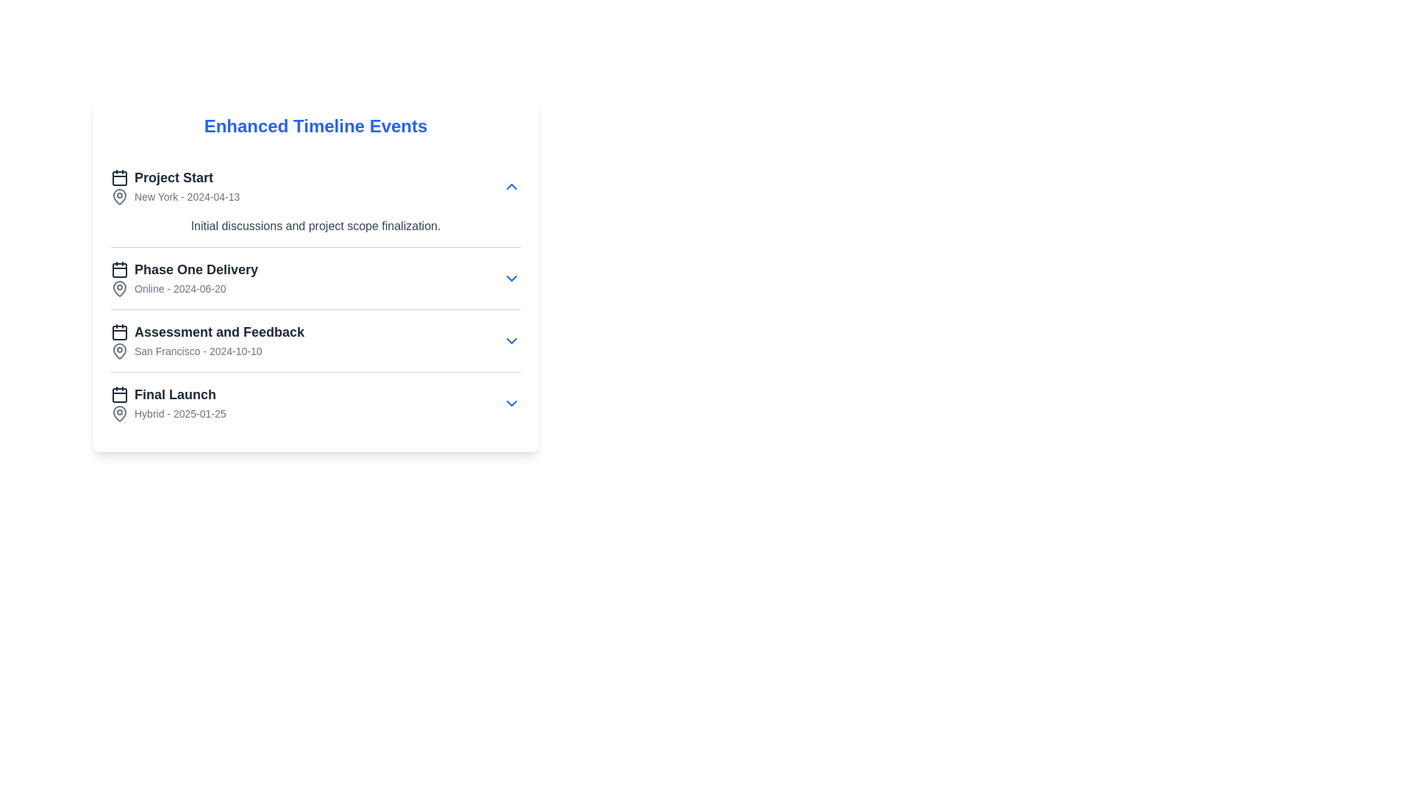  What do you see at coordinates (512, 278) in the screenshot?
I see `the dropdown indicator icon located on the right side of the 'Phase One Delivery' section` at bounding box center [512, 278].